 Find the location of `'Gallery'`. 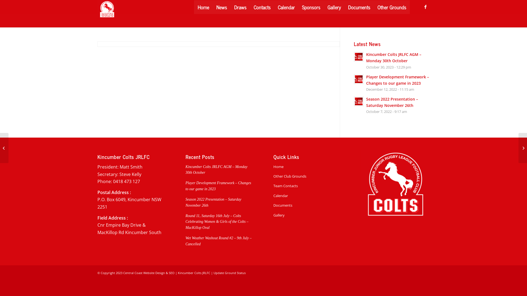

'Gallery' is located at coordinates (273, 215).